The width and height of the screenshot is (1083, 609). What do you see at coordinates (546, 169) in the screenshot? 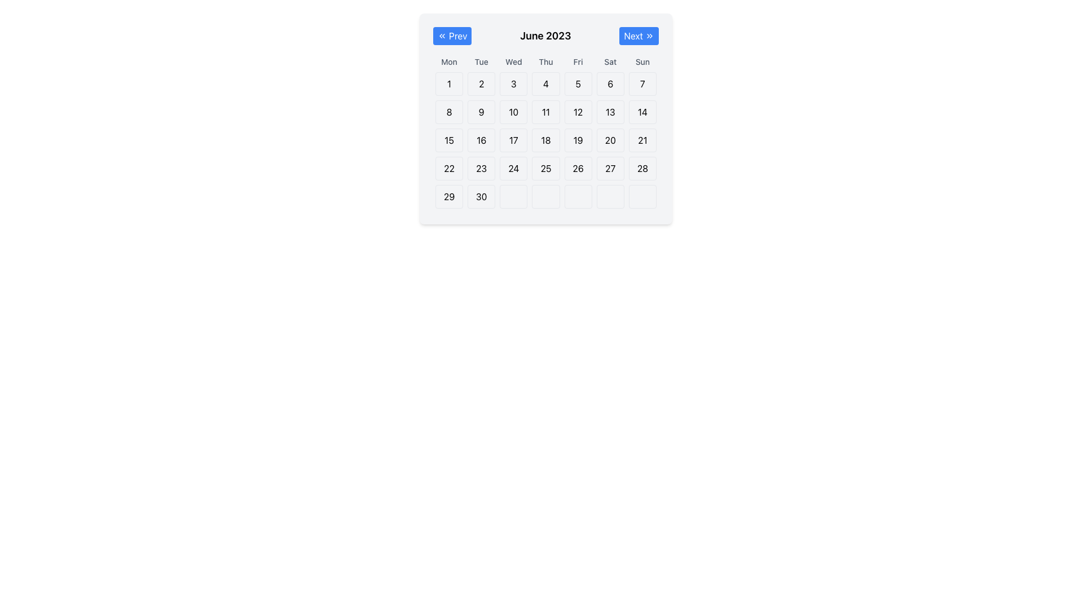
I see `the square-shaped button with the number '25' in black, which is the fourth item in a grid layout of seven elements in the calendar interface` at bounding box center [546, 169].